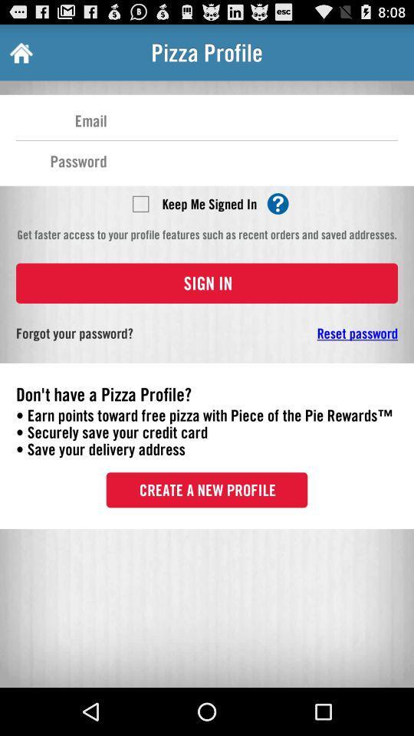 The image size is (414, 736). Describe the element at coordinates (277, 202) in the screenshot. I see `help` at that location.